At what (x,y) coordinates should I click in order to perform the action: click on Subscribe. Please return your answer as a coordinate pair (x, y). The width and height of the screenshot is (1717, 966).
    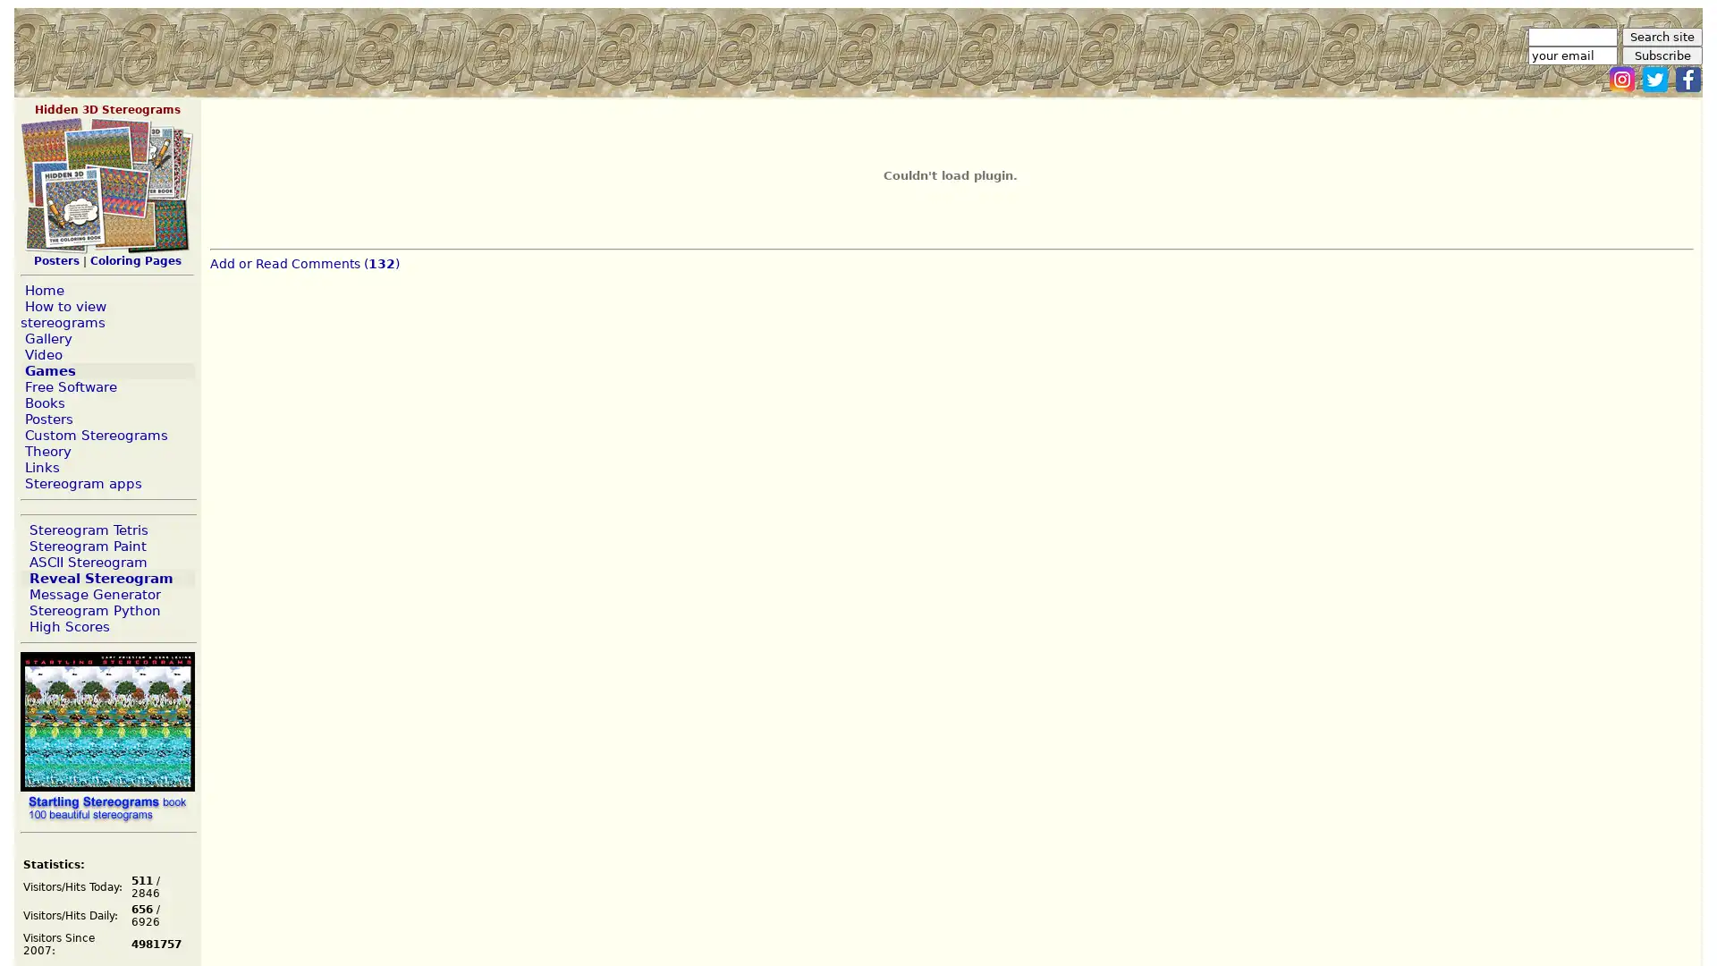
    Looking at the image, I should click on (1661, 55).